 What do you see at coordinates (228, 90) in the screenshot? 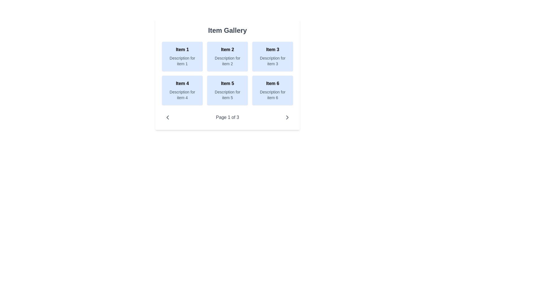
I see `the information displayed on the informational card labeled 'Item 5' with a light blue background and rounded edges located in the second row, second column of the grid` at bounding box center [228, 90].